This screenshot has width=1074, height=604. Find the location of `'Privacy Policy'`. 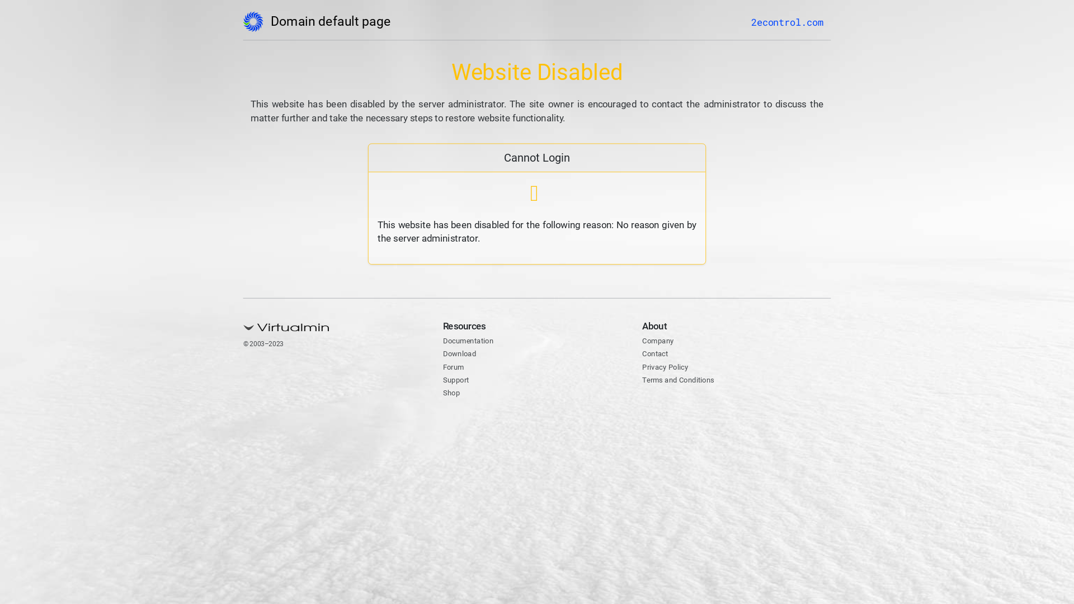

'Privacy Policy' is located at coordinates (670, 367).